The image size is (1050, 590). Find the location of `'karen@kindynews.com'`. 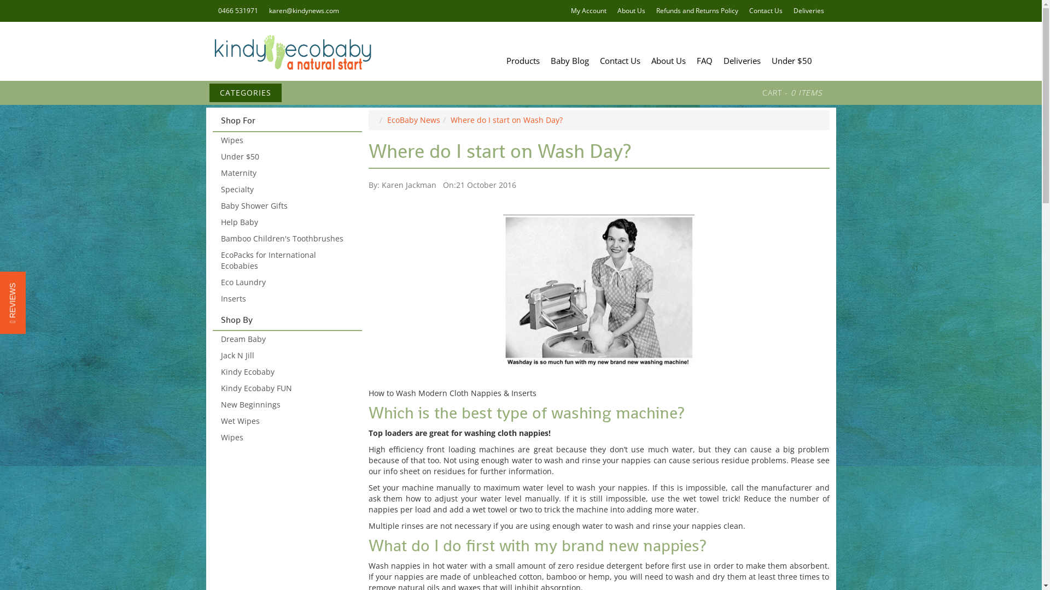

'karen@kindynews.com' is located at coordinates (304, 10).